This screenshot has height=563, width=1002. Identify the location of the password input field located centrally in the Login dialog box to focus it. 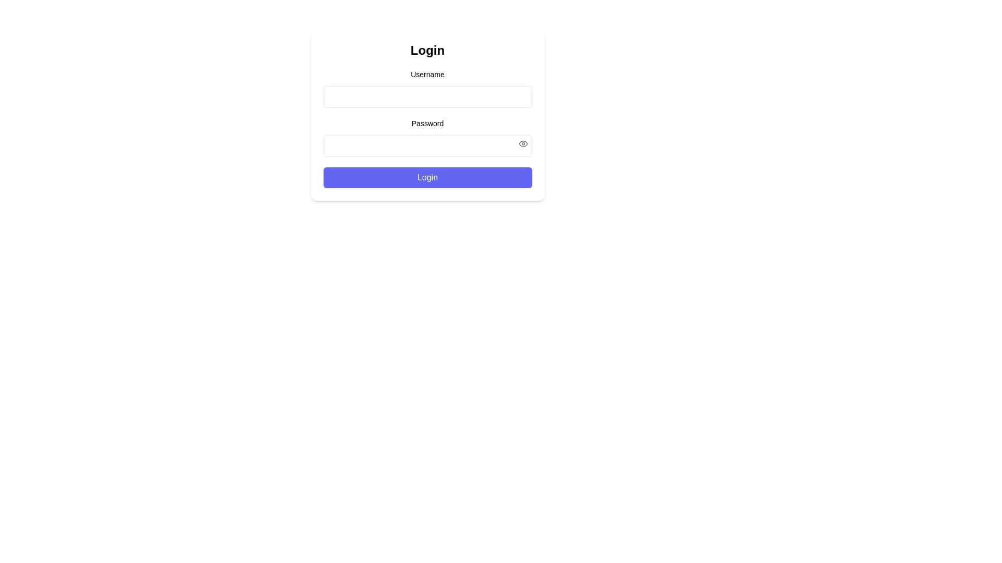
(427, 137).